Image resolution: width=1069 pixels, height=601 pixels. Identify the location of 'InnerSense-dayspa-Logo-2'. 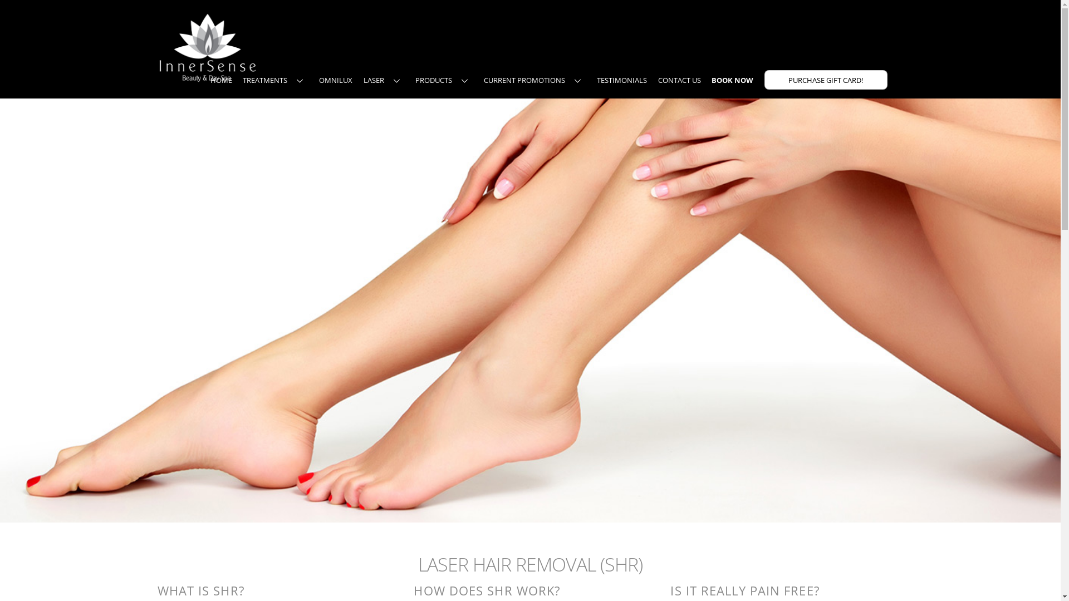
(207, 46).